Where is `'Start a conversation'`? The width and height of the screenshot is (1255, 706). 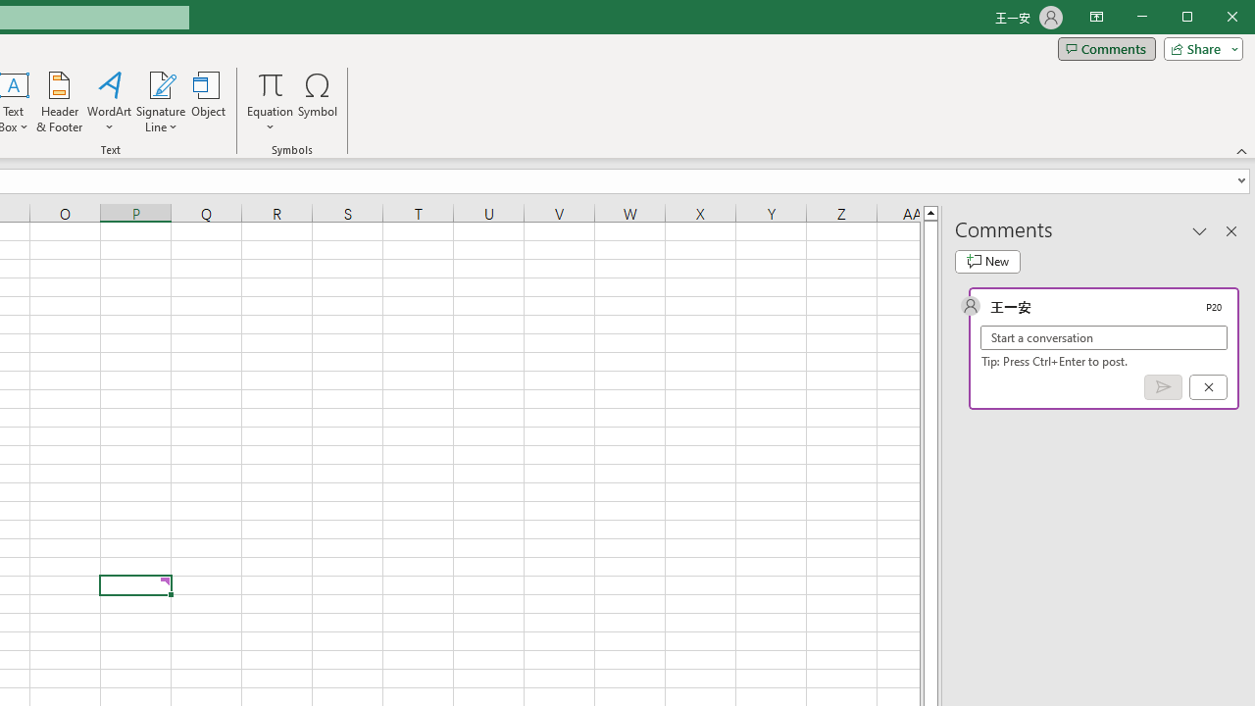 'Start a conversation' is located at coordinates (1104, 336).